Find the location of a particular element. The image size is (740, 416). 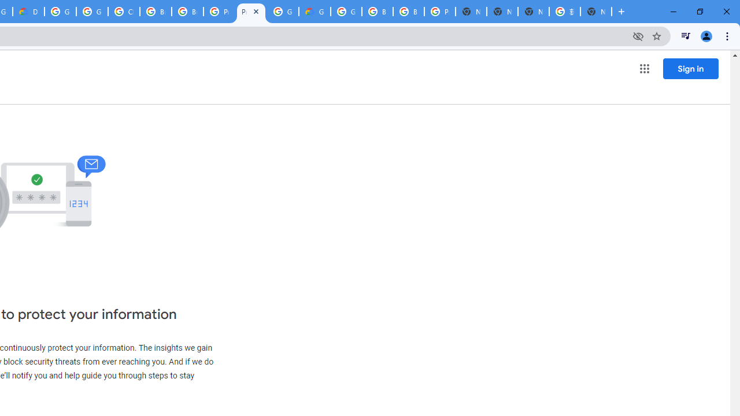

'Sign in' is located at coordinates (690, 68).